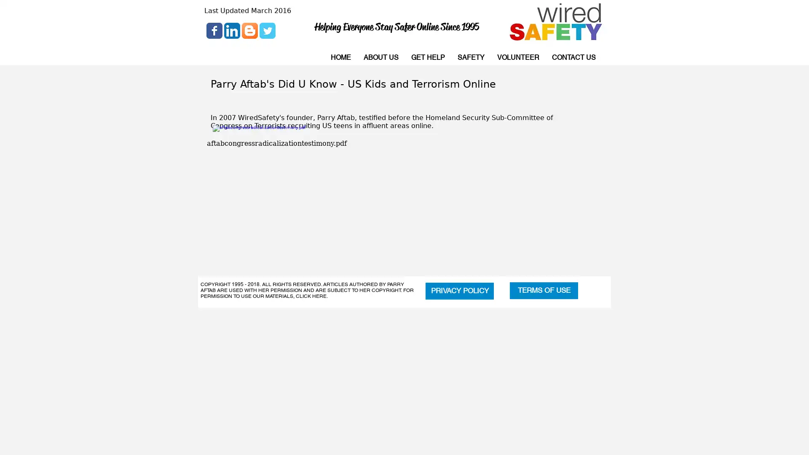 This screenshot has width=809, height=455. I want to click on TERMS OF USE, so click(544, 290).